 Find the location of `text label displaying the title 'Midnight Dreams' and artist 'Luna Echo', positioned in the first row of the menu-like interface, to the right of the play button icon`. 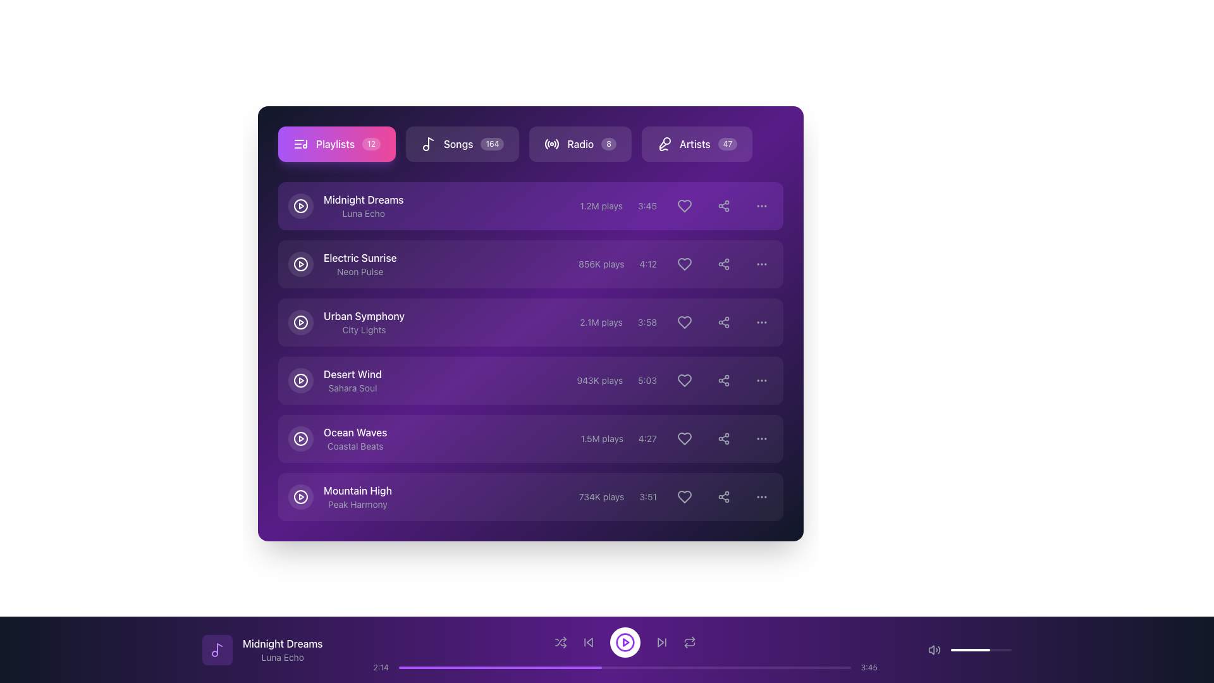

text label displaying the title 'Midnight Dreams' and artist 'Luna Echo', positioned in the first row of the menu-like interface, to the right of the play button icon is located at coordinates (363, 206).